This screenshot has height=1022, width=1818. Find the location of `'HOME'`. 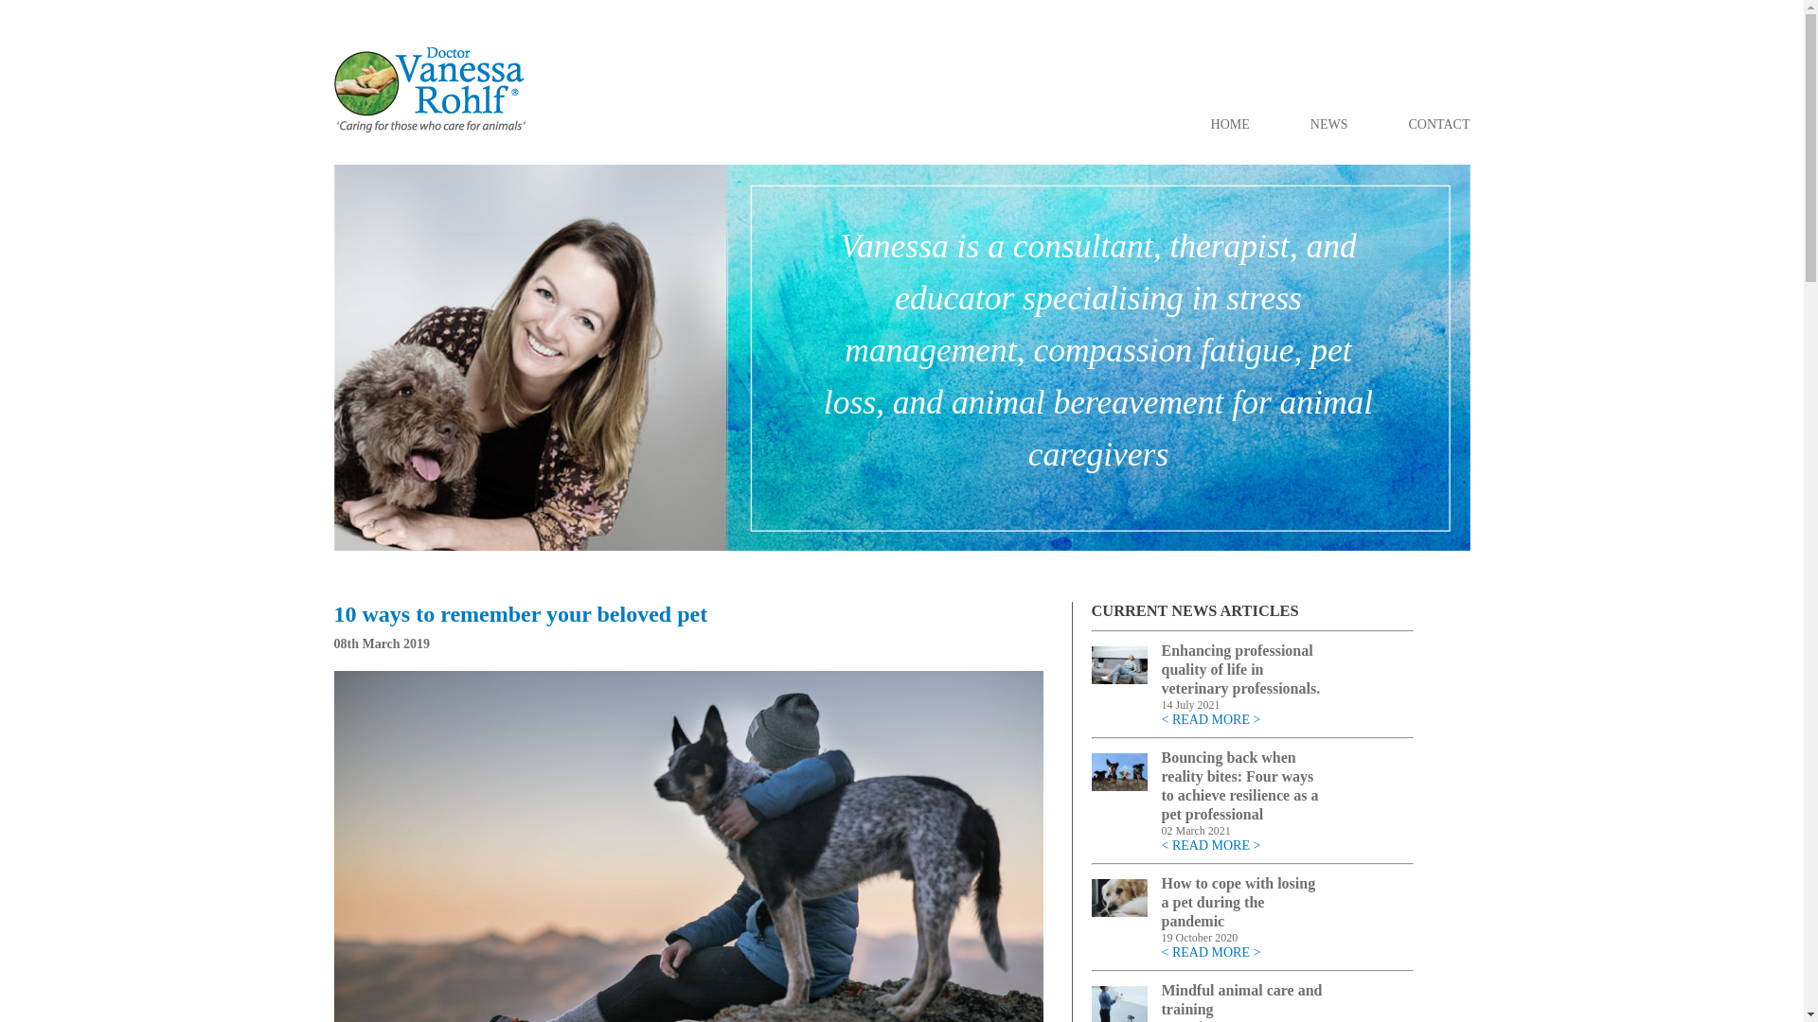

'HOME' is located at coordinates (1230, 124).